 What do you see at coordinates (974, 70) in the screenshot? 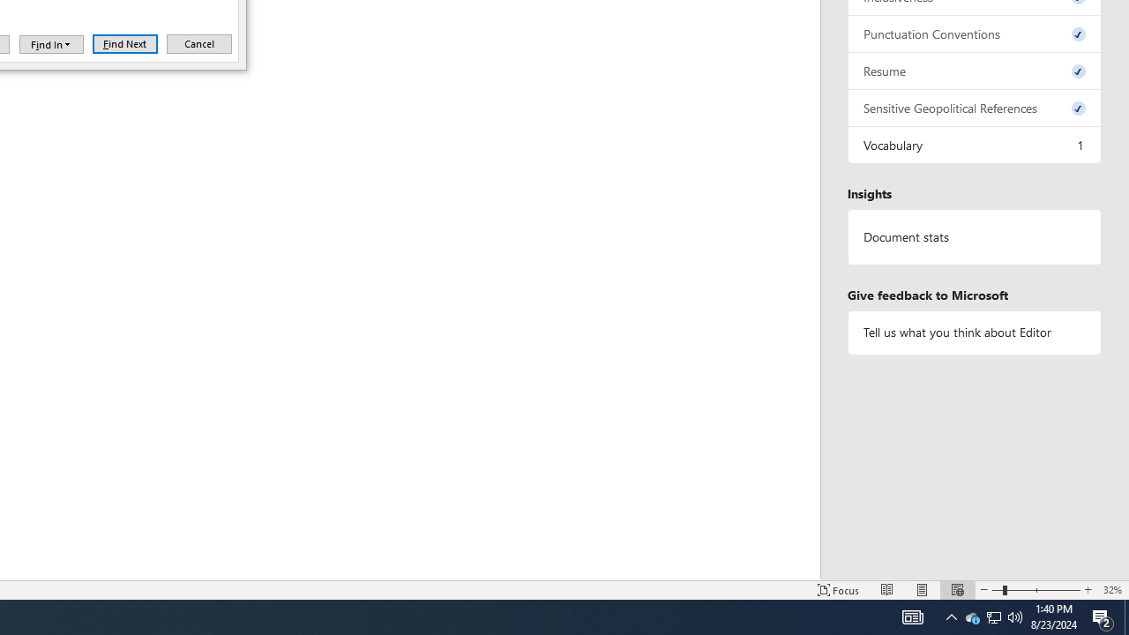
I see `'Resume, 0 issues. Press space or enter to review items.'` at bounding box center [974, 70].